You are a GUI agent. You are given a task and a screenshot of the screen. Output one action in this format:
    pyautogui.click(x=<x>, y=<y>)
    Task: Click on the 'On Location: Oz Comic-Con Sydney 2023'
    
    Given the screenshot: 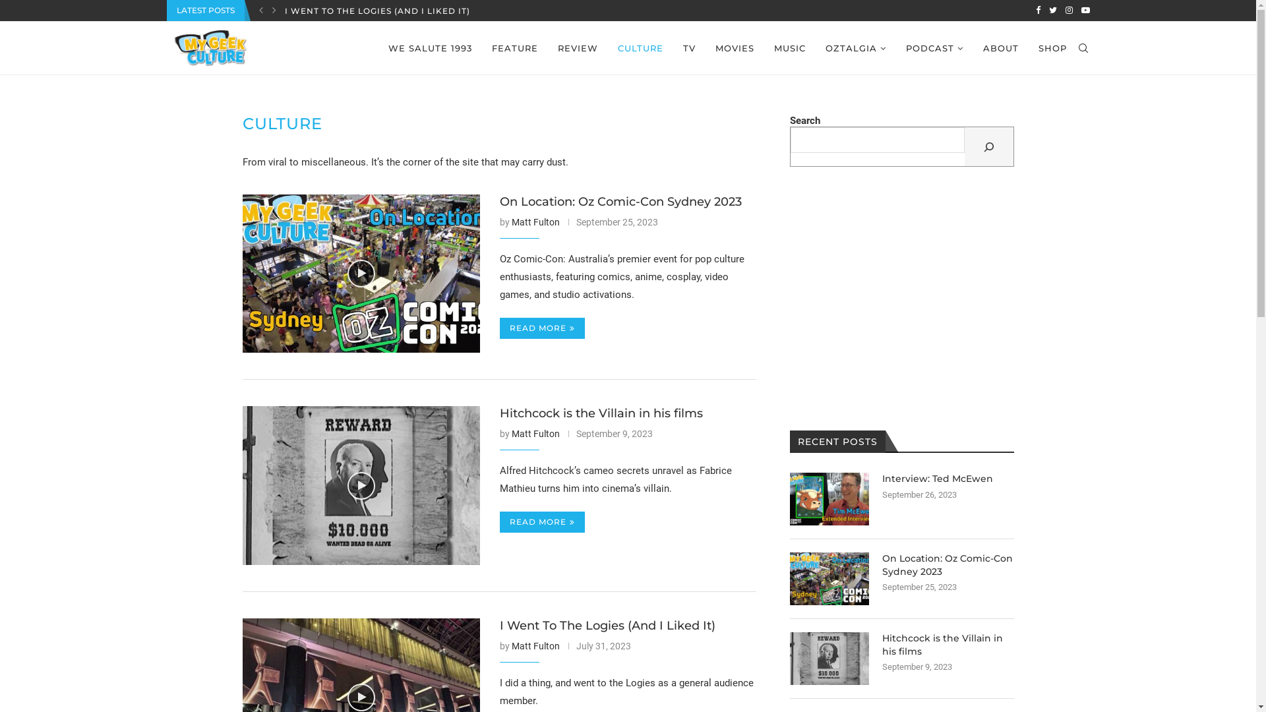 What is the action you would take?
    pyautogui.click(x=361, y=273)
    